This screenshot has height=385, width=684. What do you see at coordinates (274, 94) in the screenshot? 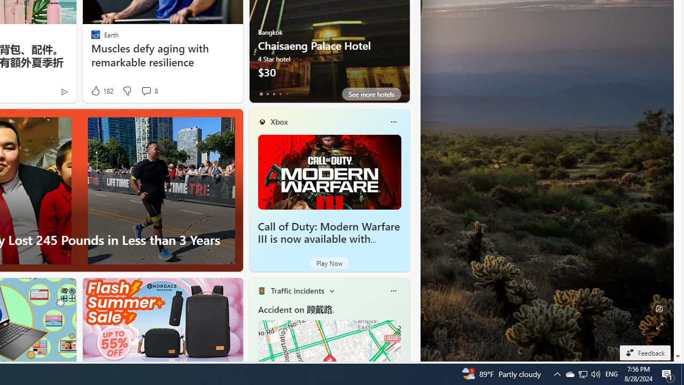
I see `'tab-2'` at bounding box center [274, 94].